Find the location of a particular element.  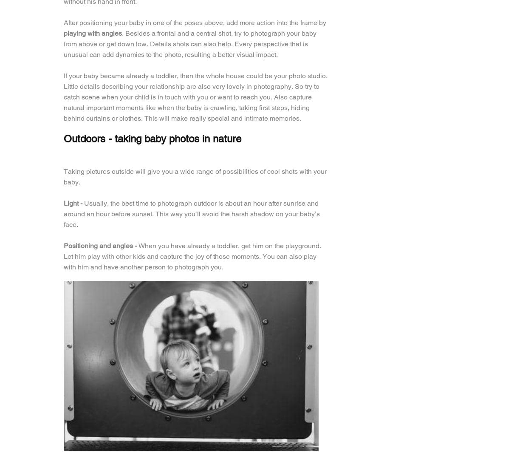

'If your baby became already a toddler, then the whole house could be your photo studio. Little details describing your relationship are also very lovely in photography. So try to catch scene when your child is in touch with you or want to reach you. Also capture natural important moments like when the baby is crawling, taking first steps, hiding behind curtains or clothes. This will make really special and intimate memories.' is located at coordinates (195, 96).